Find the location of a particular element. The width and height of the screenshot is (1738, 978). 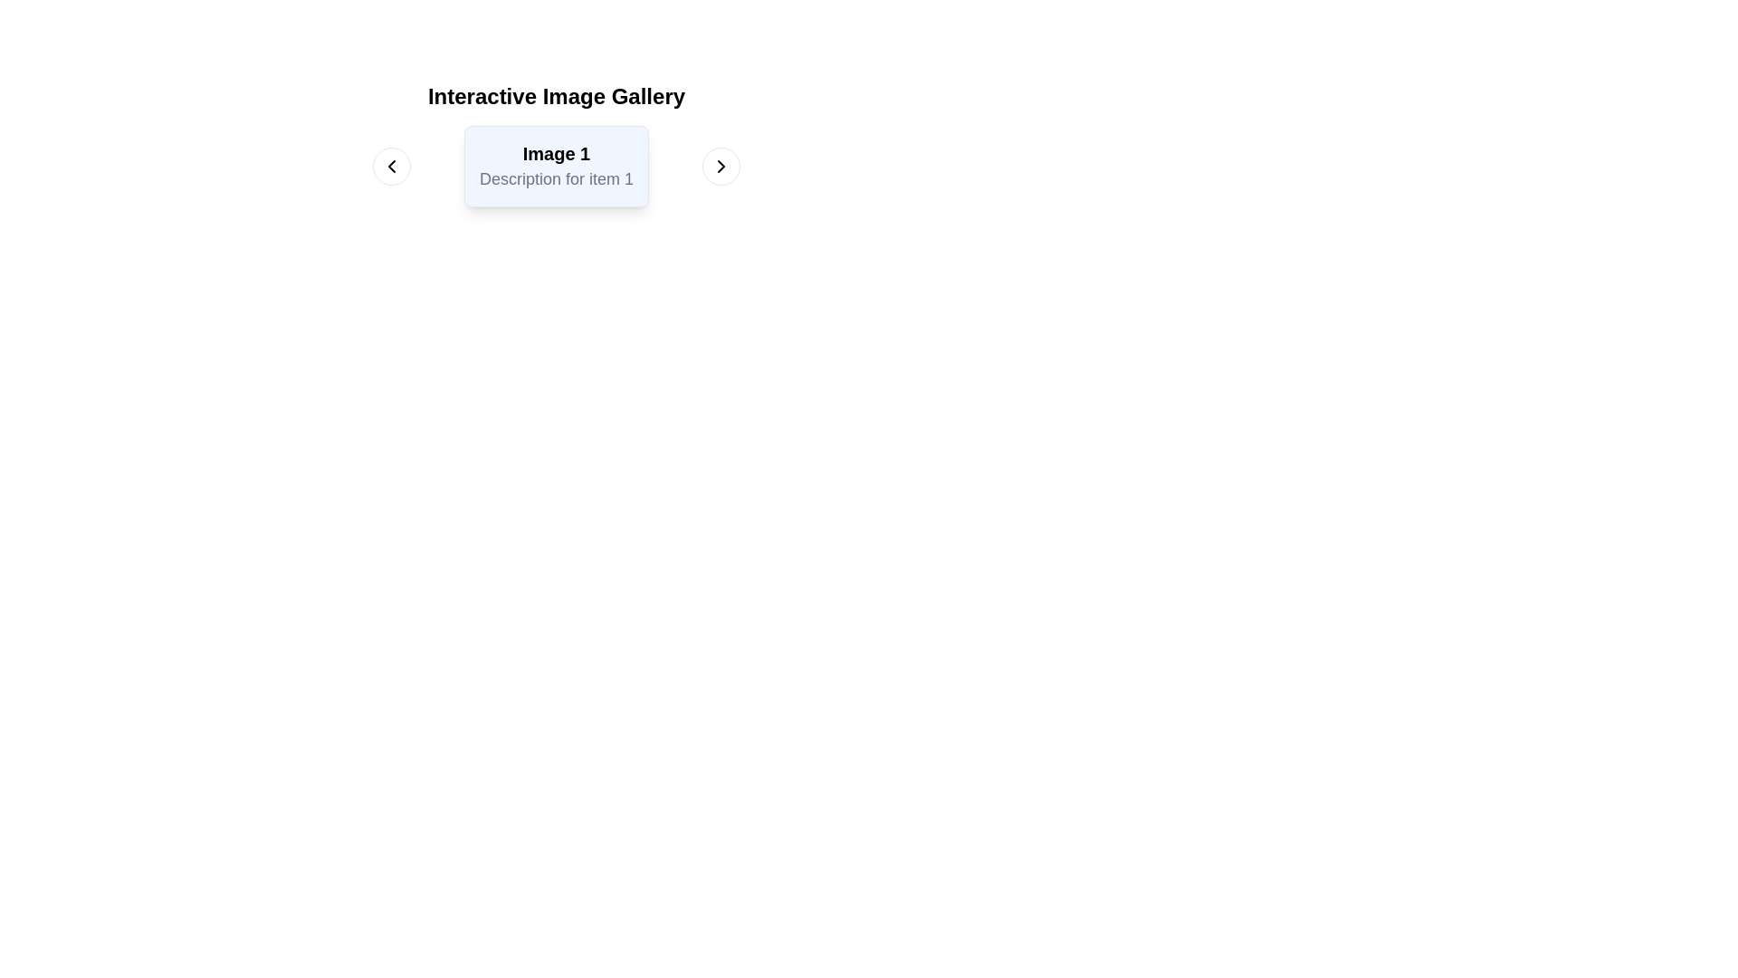

the right-pointing chevron icon inside the rightward navigation button of the interactive image gallery is located at coordinates (720, 167).